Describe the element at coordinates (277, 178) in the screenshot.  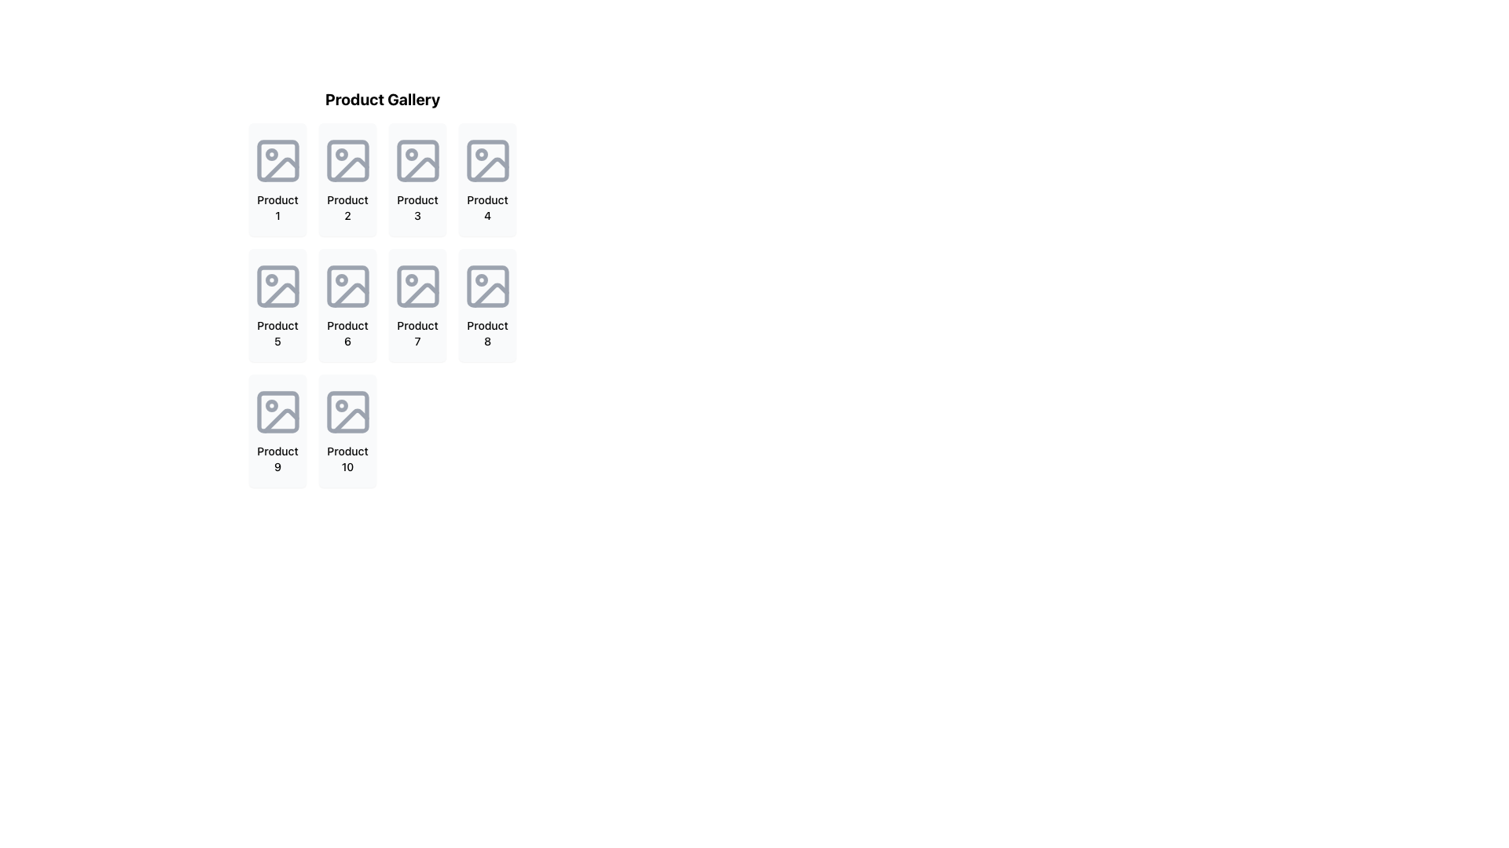
I see `the Product Card displaying 'Product 1' with a gray photo icon in the Product Gallery grid` at that location.